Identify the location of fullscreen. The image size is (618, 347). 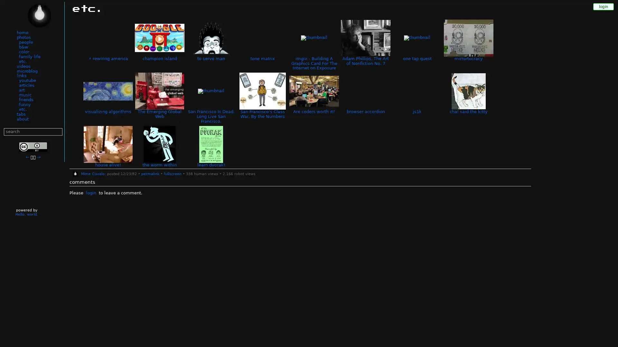
(172, 174).